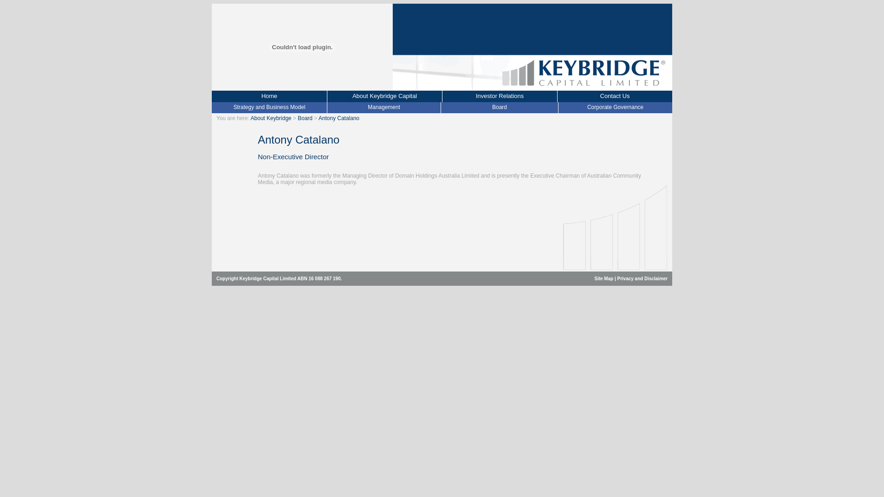 Image resolution: width=884 pixels, height=497 pixels. Describe the element at coordinates (604, 278) in the screenshot. I see `'Site Map'` at that location.